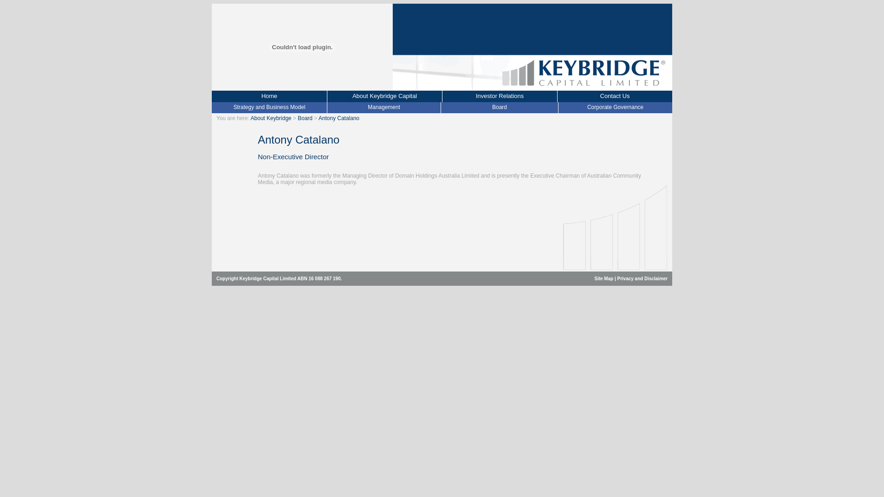 Image resolution: width=884 pixels, height=497 pixels. Describe the element at coordinates (604, 278) in the screenshot. I see `'Site Map'` at that location.